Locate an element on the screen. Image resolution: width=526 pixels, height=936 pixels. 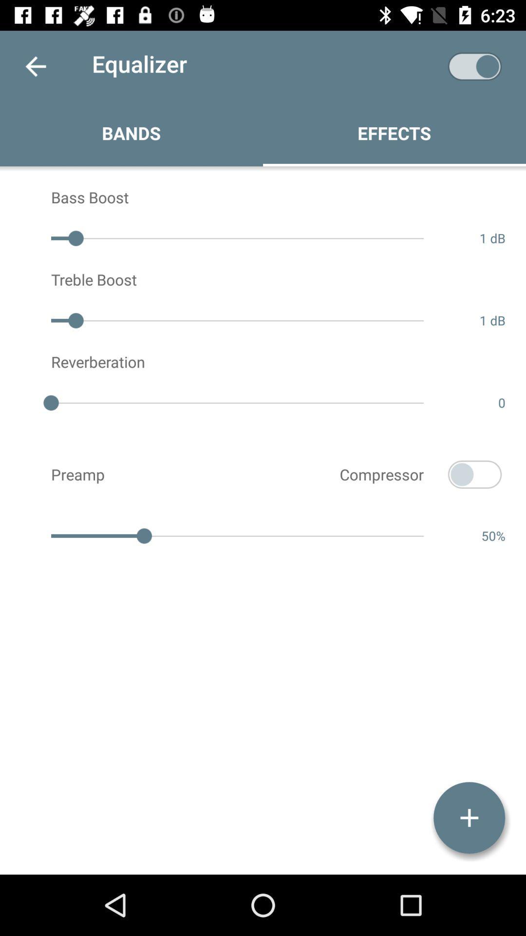
the item to the right of the compressor is located at coordinates (474, 474).